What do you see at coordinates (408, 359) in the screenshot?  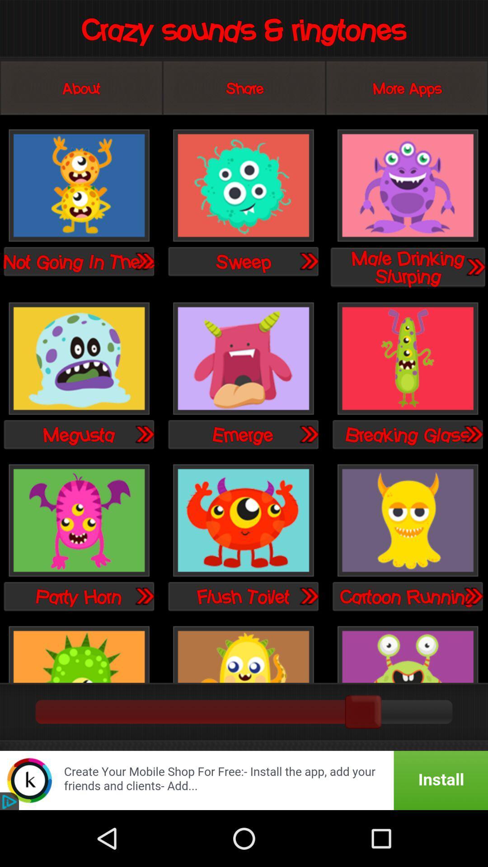 I see `set ringtone to breaking glass` at bounding box center [408, 359].